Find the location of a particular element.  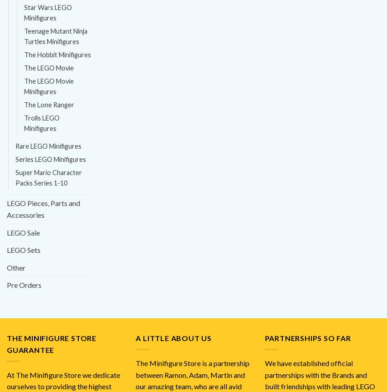

'Rare LEGO Minifigures' is located at coordinates (15, 146).